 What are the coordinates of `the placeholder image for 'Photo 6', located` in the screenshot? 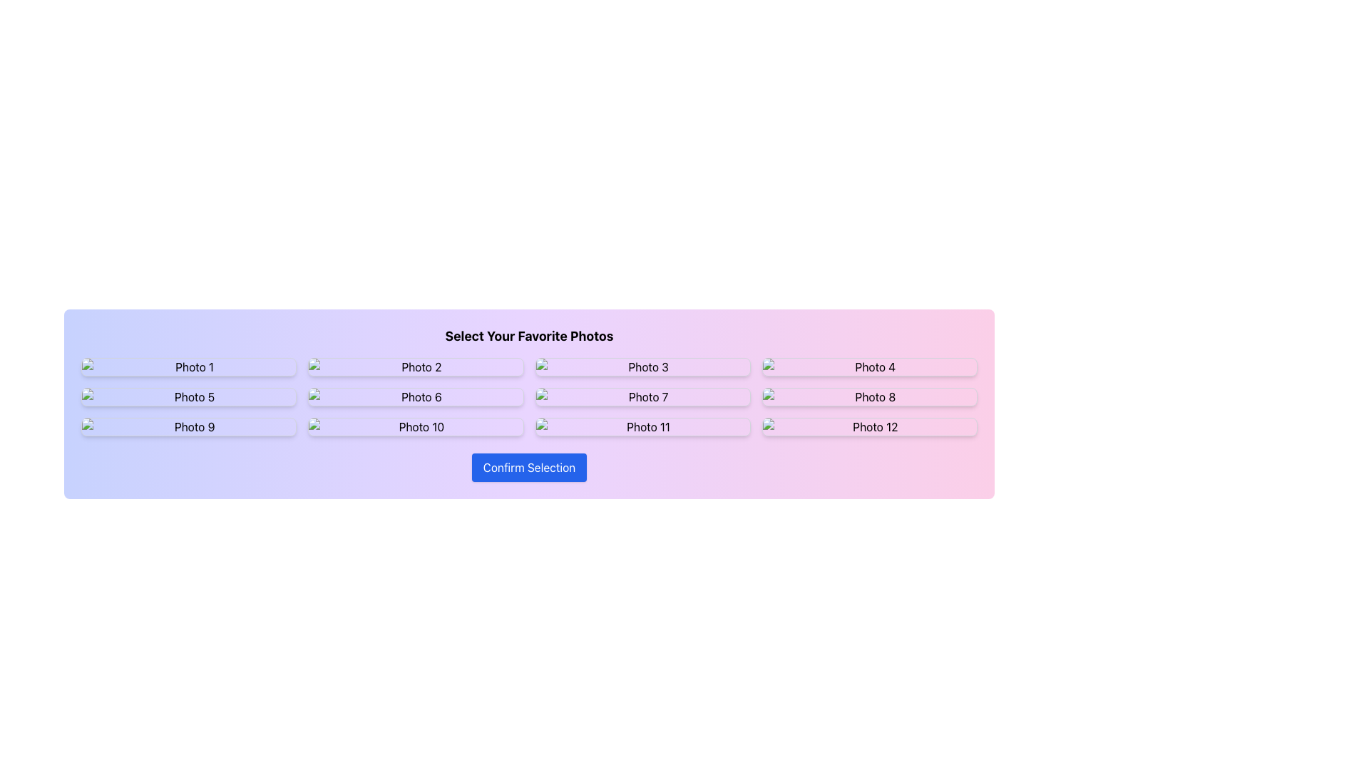 It's located at (415, 396).